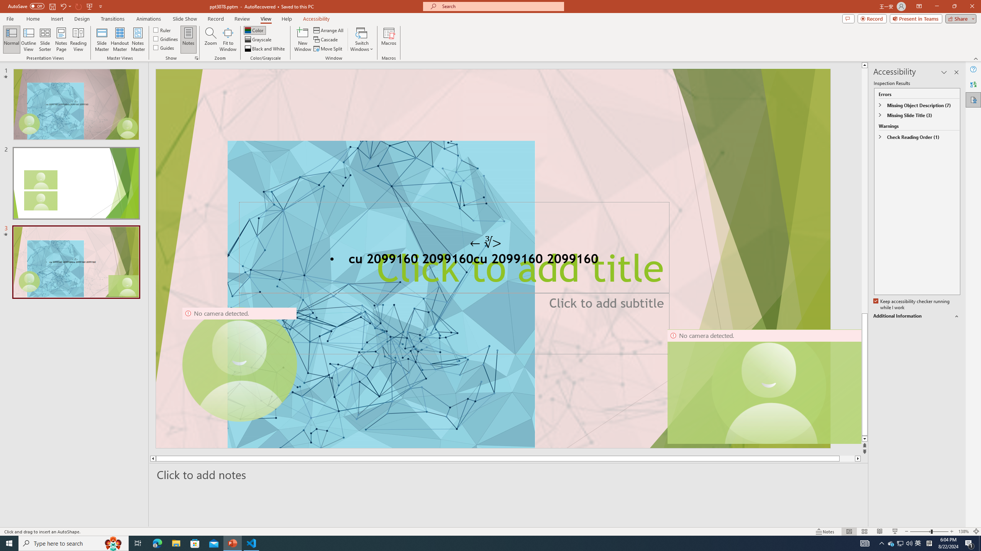 This screenshot has height=551, width=981. I want to click on 'Switch Windows', so click(361, 39).